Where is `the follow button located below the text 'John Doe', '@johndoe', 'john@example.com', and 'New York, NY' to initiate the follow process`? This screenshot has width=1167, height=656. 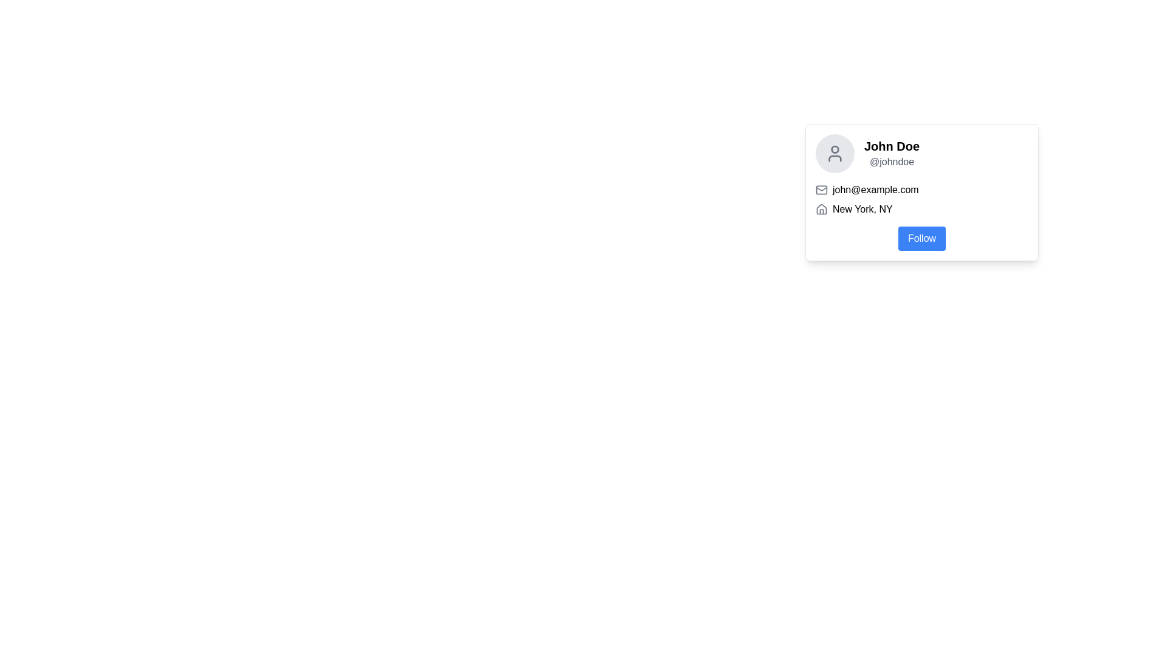 the follow button located below the text 'John Doe', '@johndoe', 'john@example.com', and 'New York, NY' to initiate the follow process is located at coordinates (921, 239).